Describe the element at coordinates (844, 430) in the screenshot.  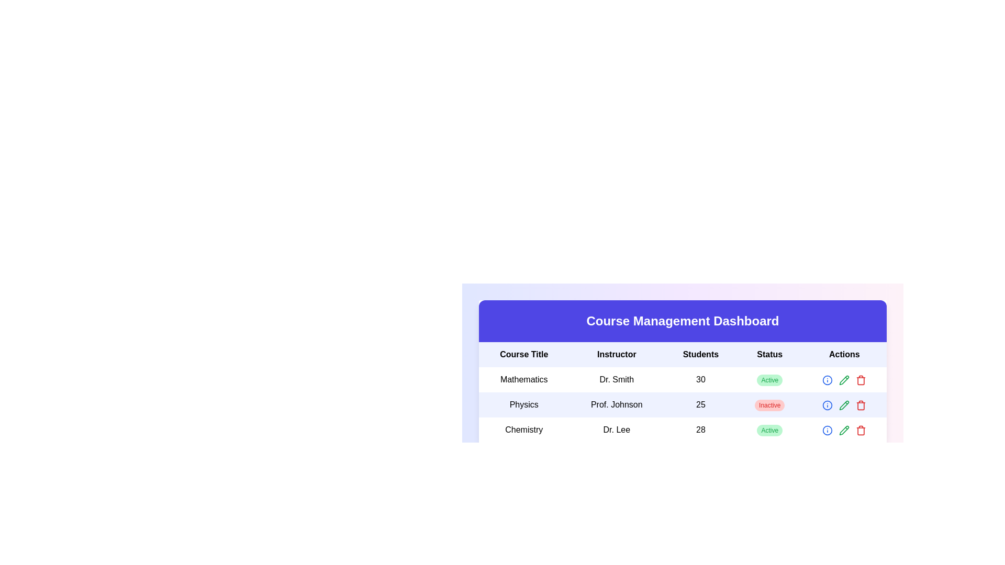
I see `the green pencil icon in the actions column of the course management table to initiate editing for the Chemistry row` at that location.